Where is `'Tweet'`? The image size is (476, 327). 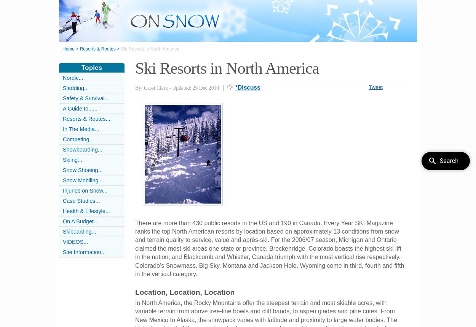
'Tweet' is located at coordinates (368, 87).